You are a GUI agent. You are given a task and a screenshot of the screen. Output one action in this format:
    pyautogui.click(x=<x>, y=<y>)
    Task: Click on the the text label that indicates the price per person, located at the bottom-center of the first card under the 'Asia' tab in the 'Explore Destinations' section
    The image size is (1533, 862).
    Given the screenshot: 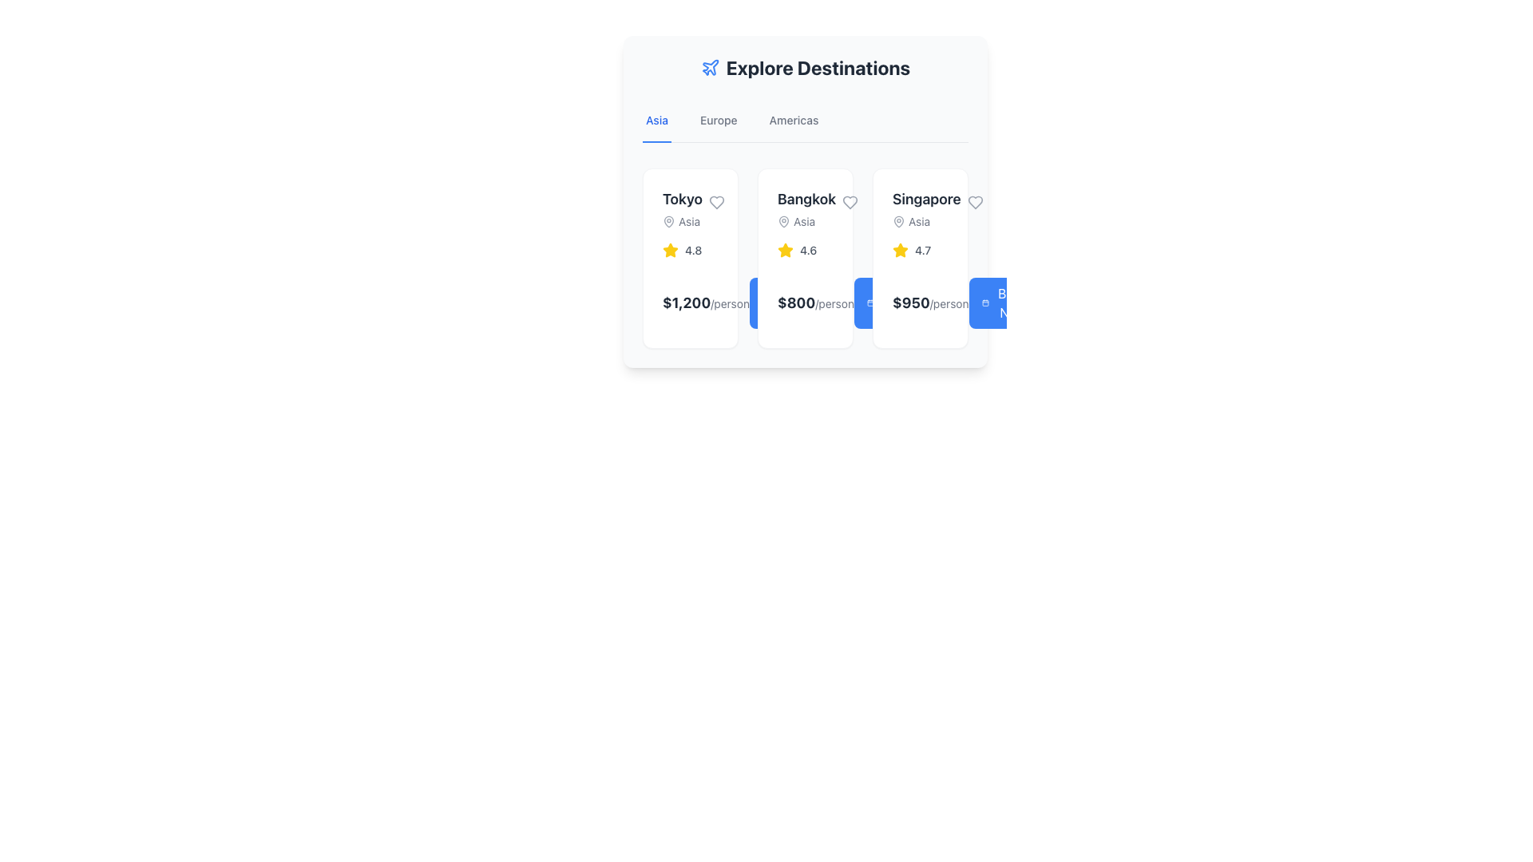 What is the action you would take?
    pyautogui.click(x=729, y=303)
    